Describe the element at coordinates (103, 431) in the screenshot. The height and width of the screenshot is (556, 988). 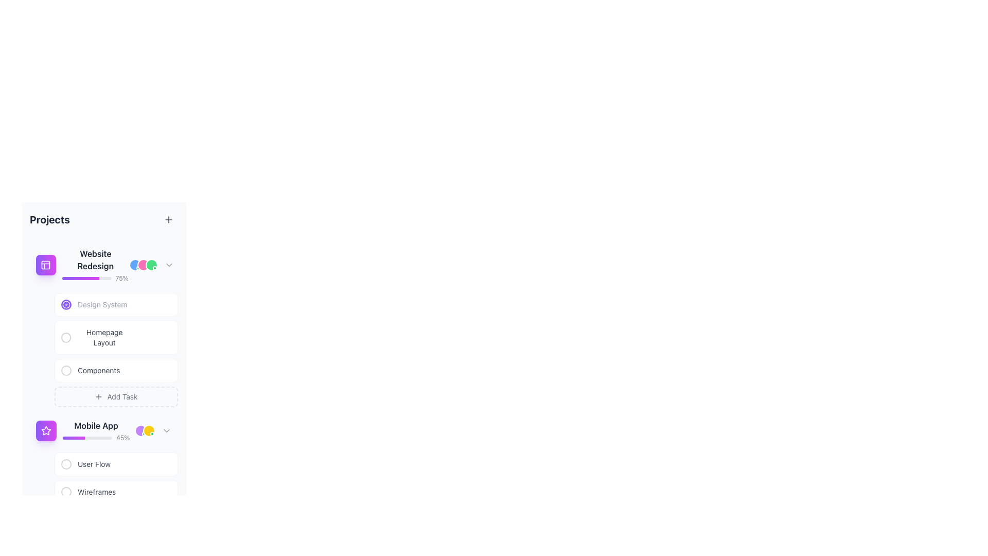
I see `the Card element representing the 'Mobile App' project in the task management interface to activate hover effects` at that location.